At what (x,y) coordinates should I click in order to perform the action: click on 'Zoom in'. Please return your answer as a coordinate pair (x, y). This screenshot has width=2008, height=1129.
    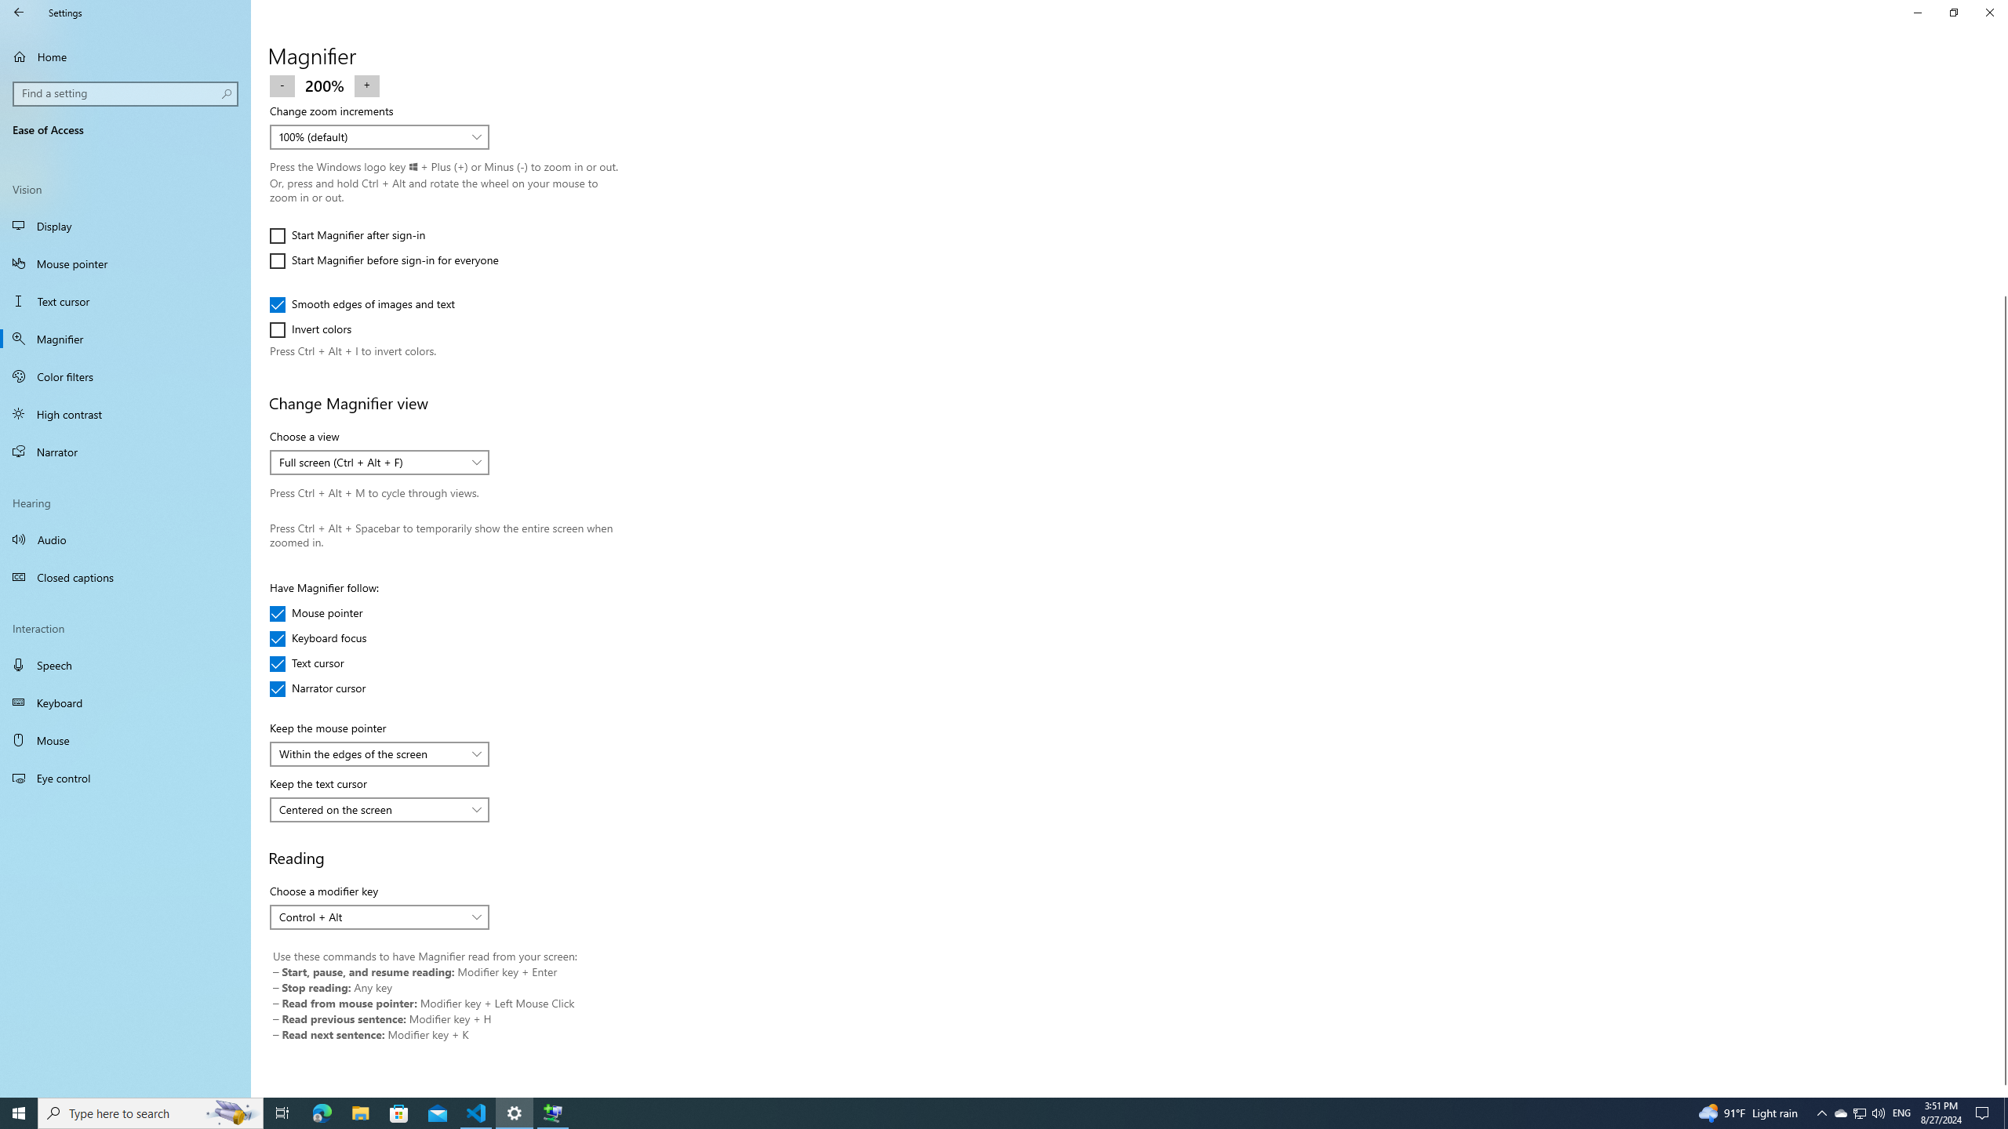
    Looking at the image, I should click on (367, 84).